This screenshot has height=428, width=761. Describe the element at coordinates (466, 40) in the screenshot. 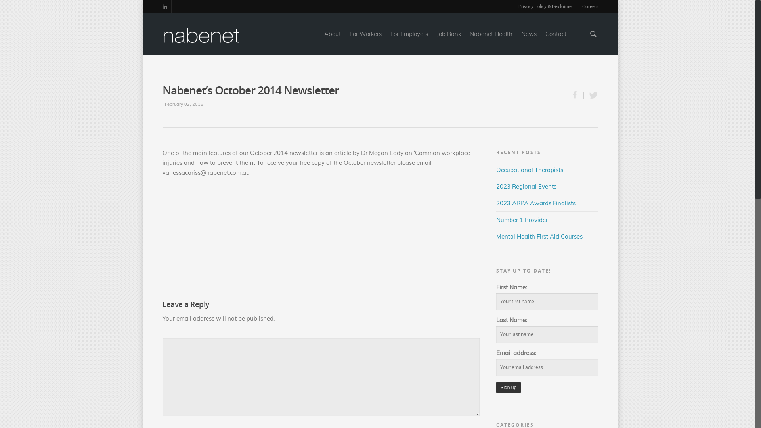

I see `'Nabenet Health'` at that location.